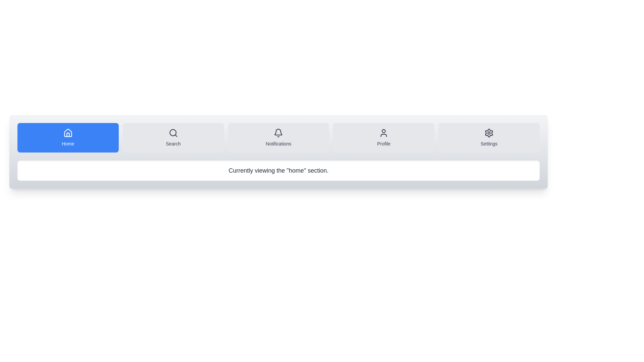 The image size is (644, 362). I want to click on the bell-shaped notification icon located in the 'Notifications' section of the navigation menu, so click(278, 133).